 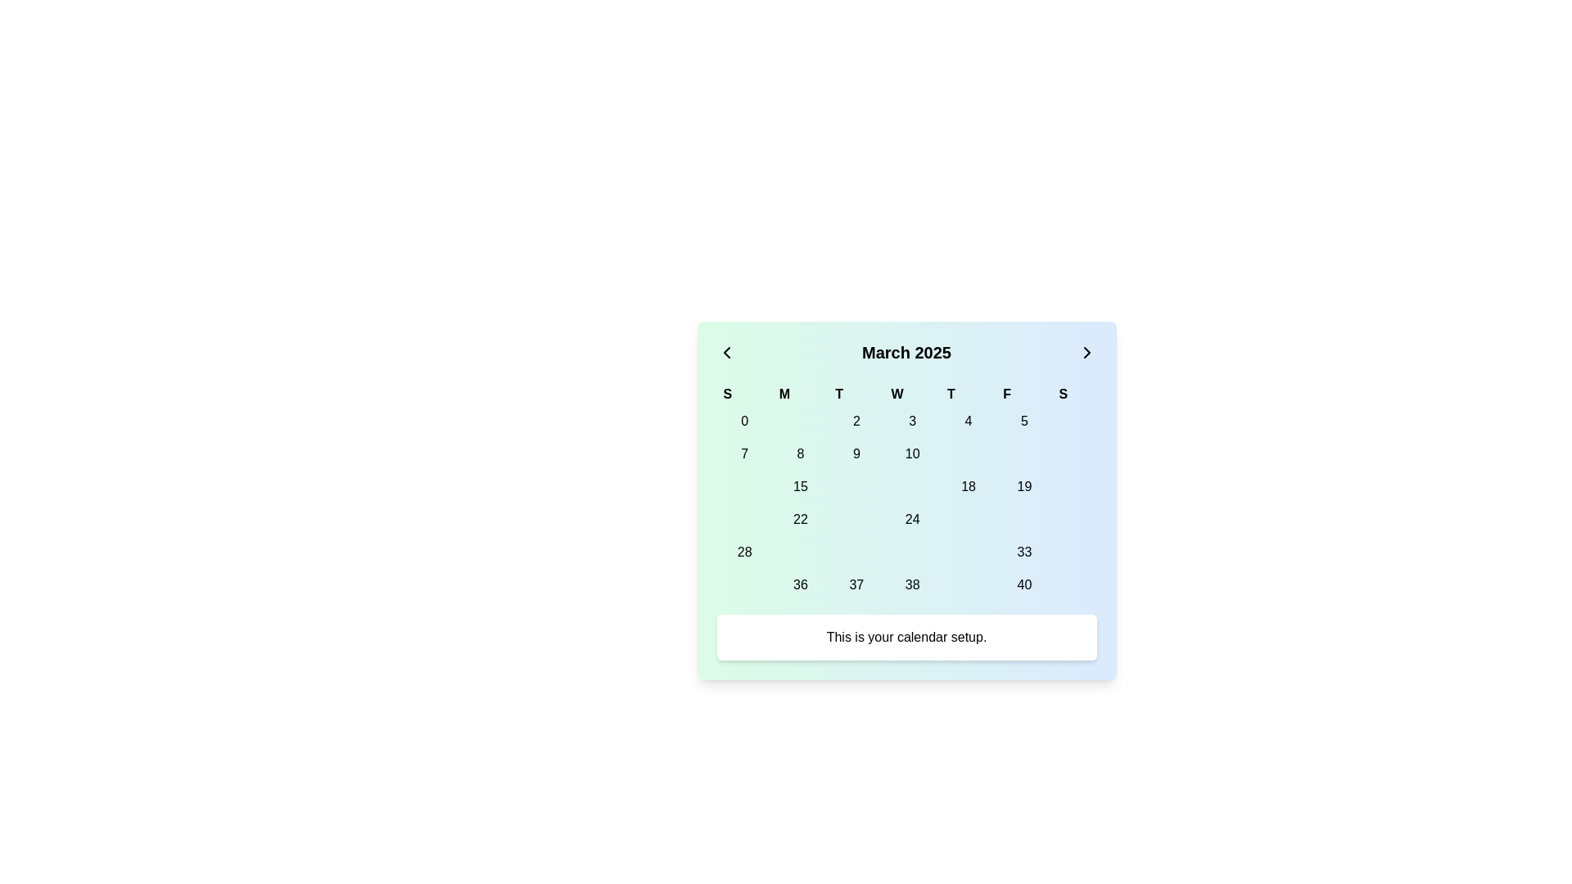 I want to click on the Text Display representing the day '3' in the interactive calendar view, so click(x=911, y=421).